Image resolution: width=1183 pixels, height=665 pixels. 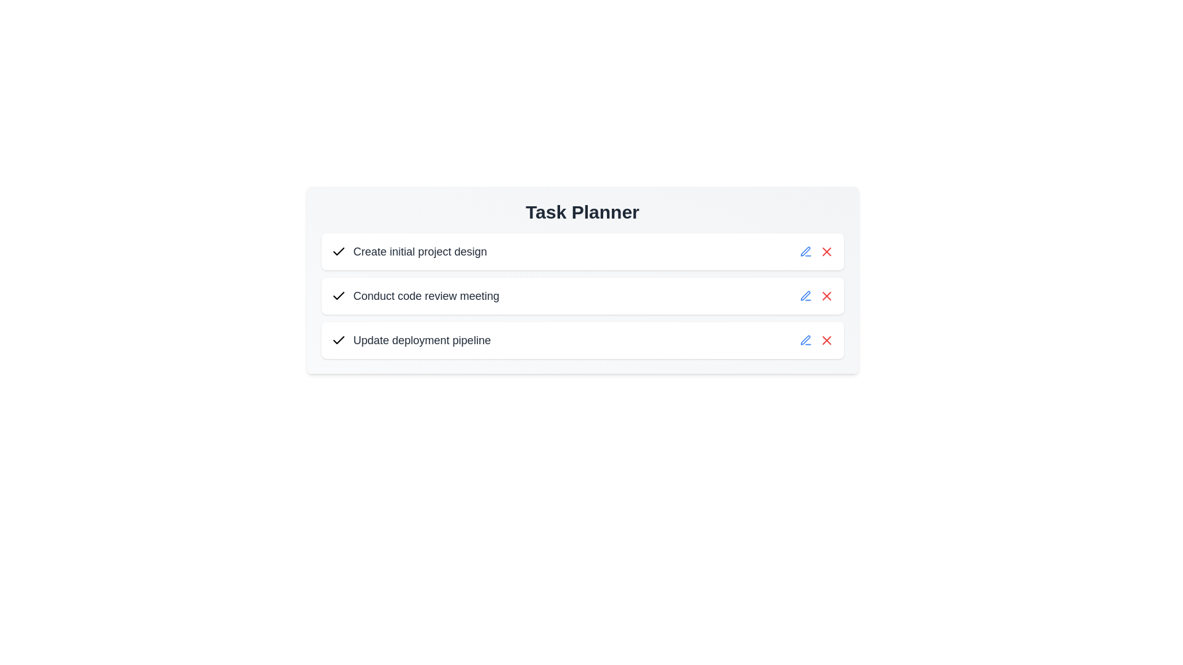 I want to click on the 'X' icon styled as an SVG image, which functions as a delete button for the task 'Create initial project design', so click(x=826, y=251).